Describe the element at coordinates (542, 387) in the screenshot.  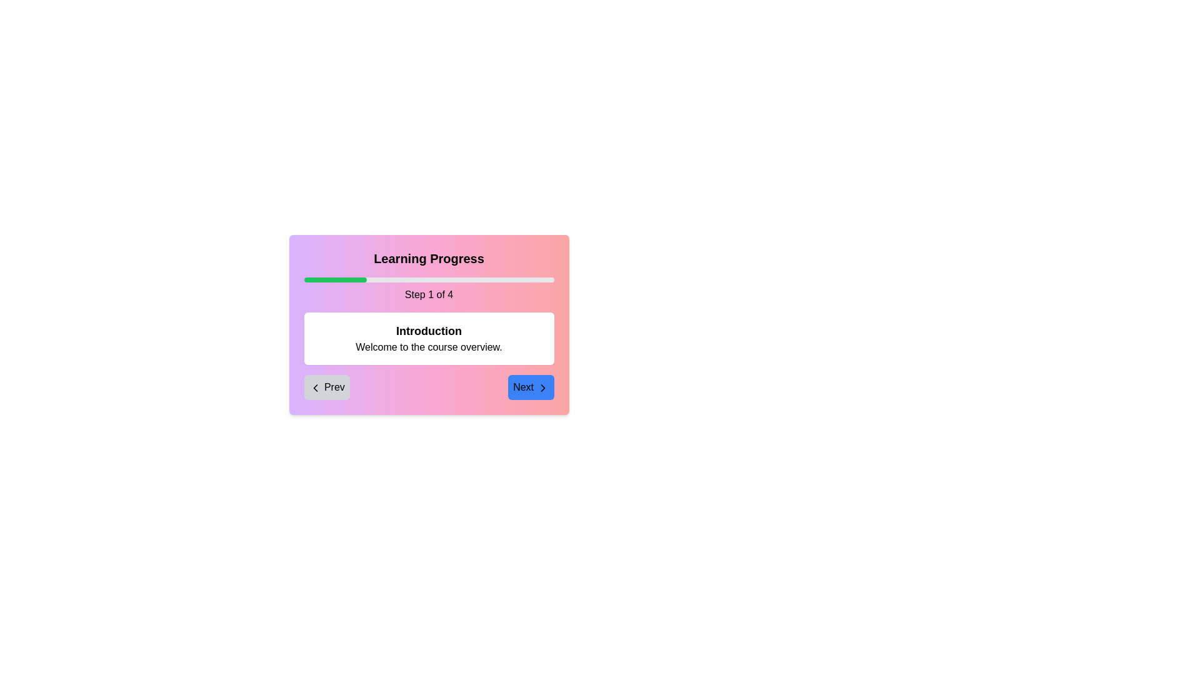
I see `the rightward-pointing arrow icon within the 'Next' button` at that location.